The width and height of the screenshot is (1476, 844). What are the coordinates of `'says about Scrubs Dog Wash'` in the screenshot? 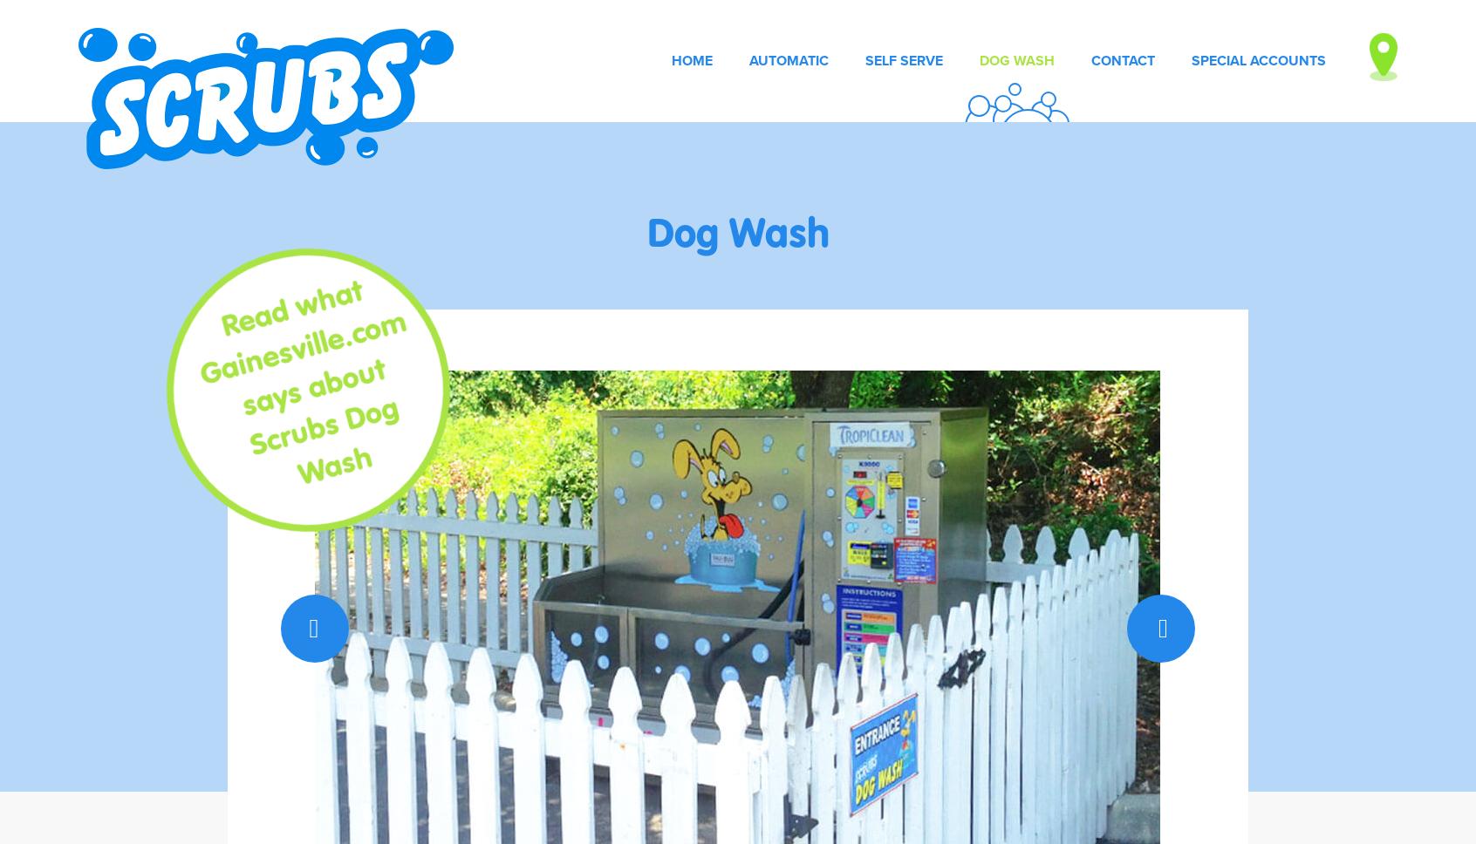 It's located at (318, 419).